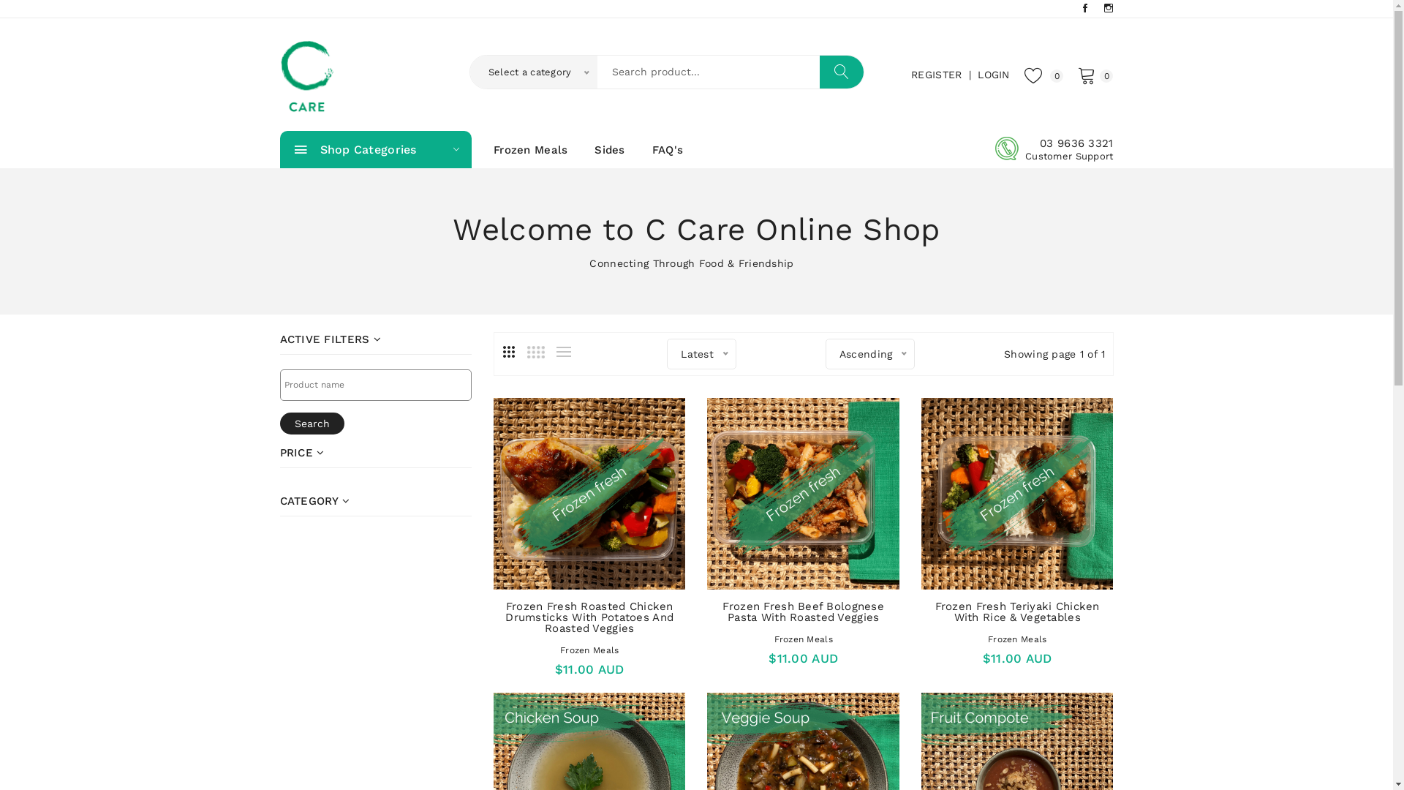 The image size is (1404, 790). What do you see at coordinates (609, 149) in the screenshot?
I see `'Sides'` at bounding box center [609, 149].